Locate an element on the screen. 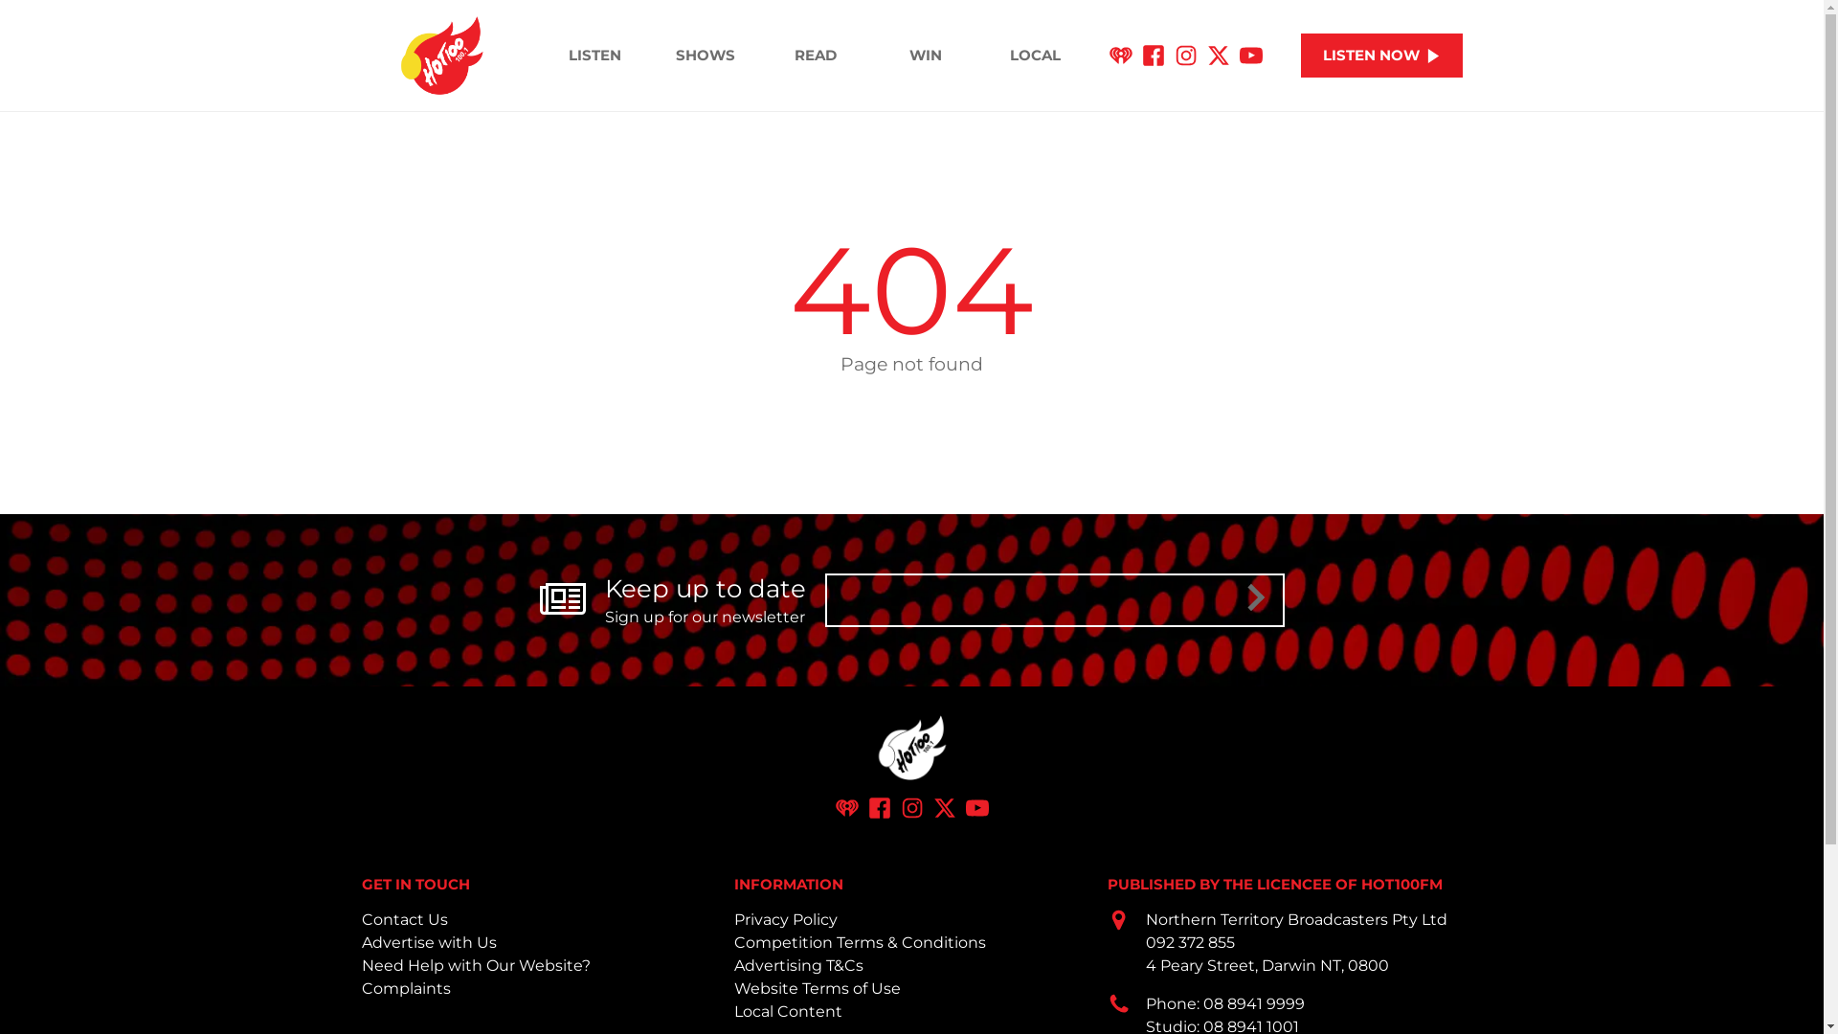  'LISTEN NOW' is located at coordinates (1381, 55).